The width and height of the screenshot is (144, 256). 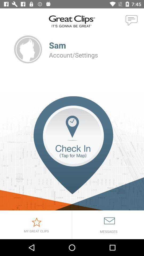 I want to click on to send a message, so click(x=131, y=21).